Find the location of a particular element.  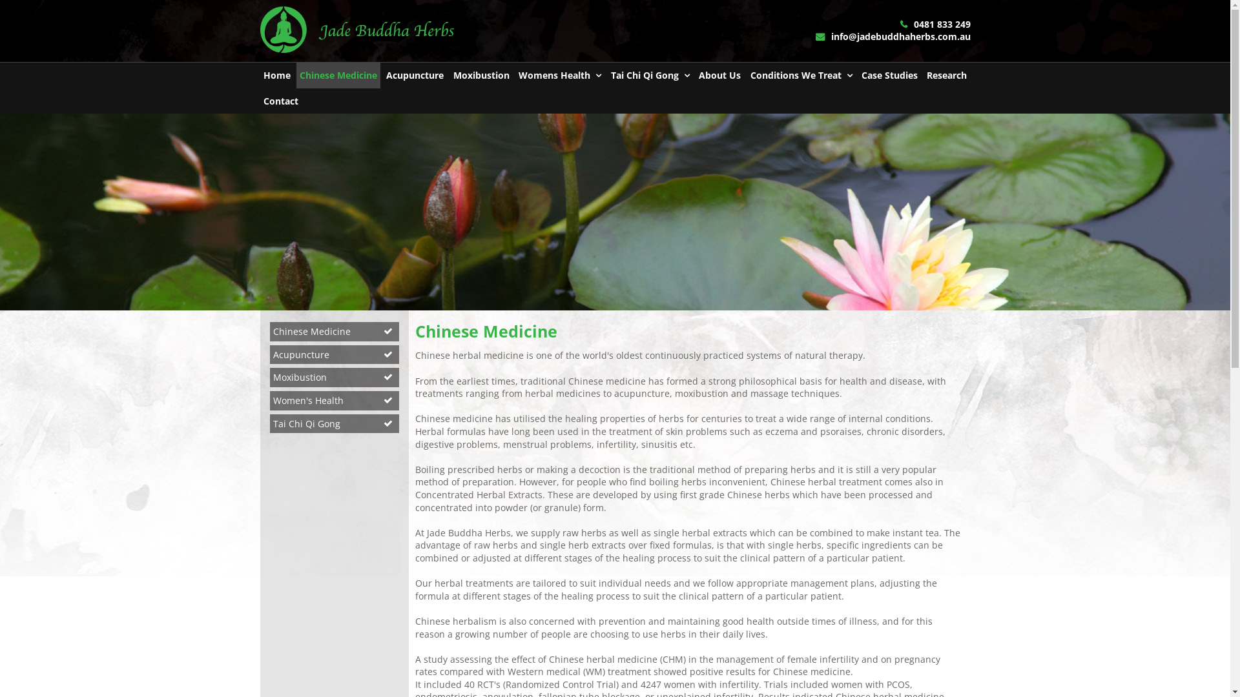

'Womens Health' is located at coordinates (560, 75).